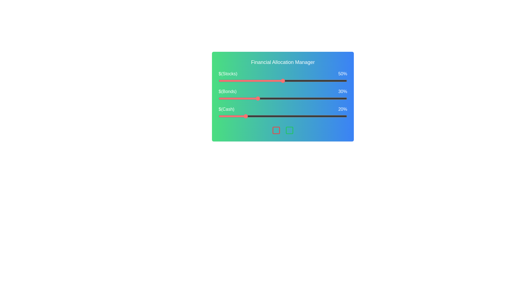  I want to click on the title of the component, so click(283, 62).